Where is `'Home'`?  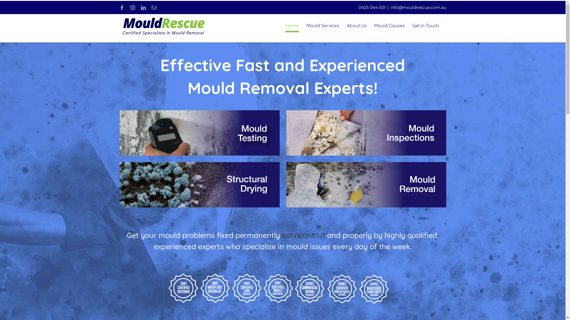
'Home' is located at coordinates (285, 25).